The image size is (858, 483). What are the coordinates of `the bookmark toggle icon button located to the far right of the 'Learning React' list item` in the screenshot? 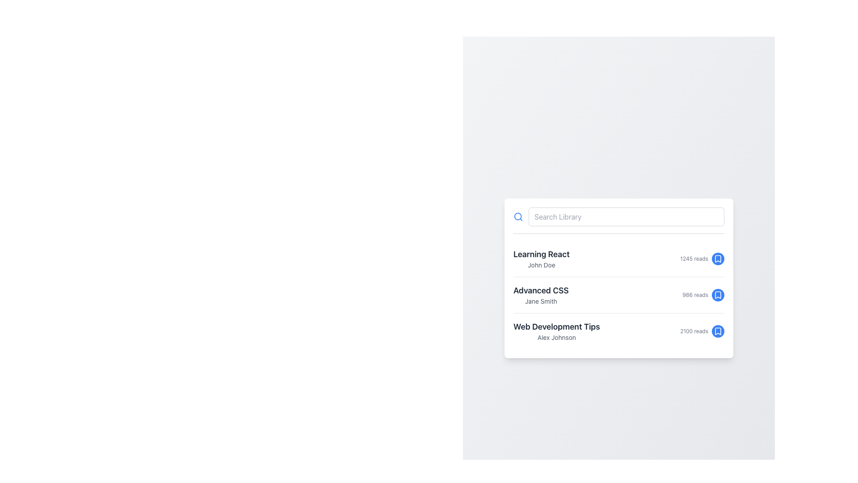 It's located at (718, 258).